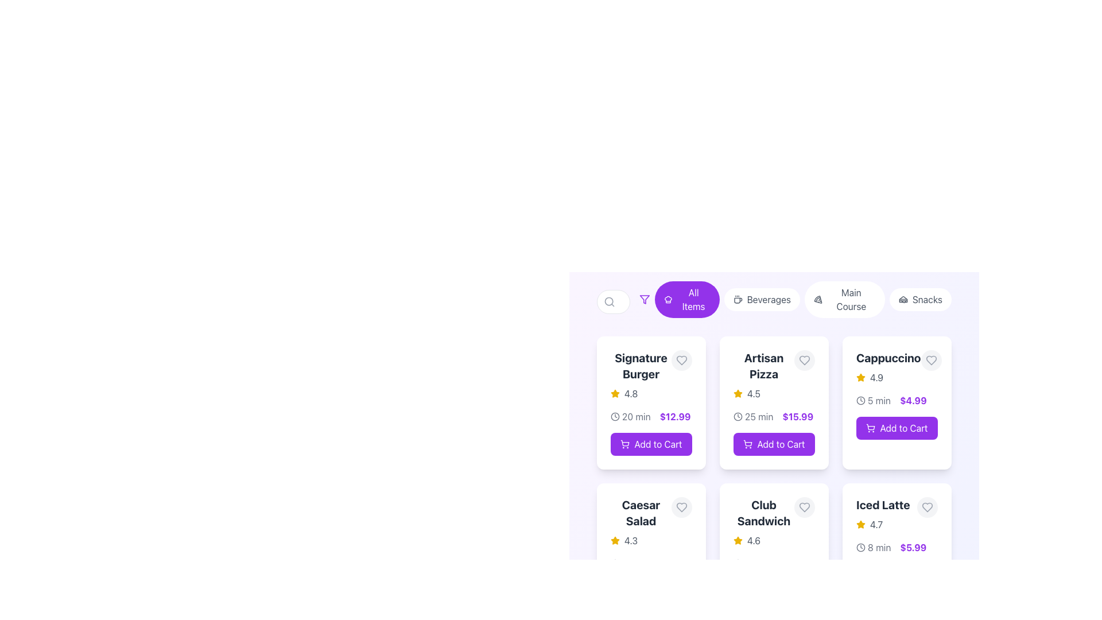 The image size is (1102, 620). Describe the element at coordinates (682, 360) in the screenshot. I see `the heart-shaped outline icon within the circular button located in the top-right corner of the 'Signature Burger' card to observe any visual feedback` at that location.